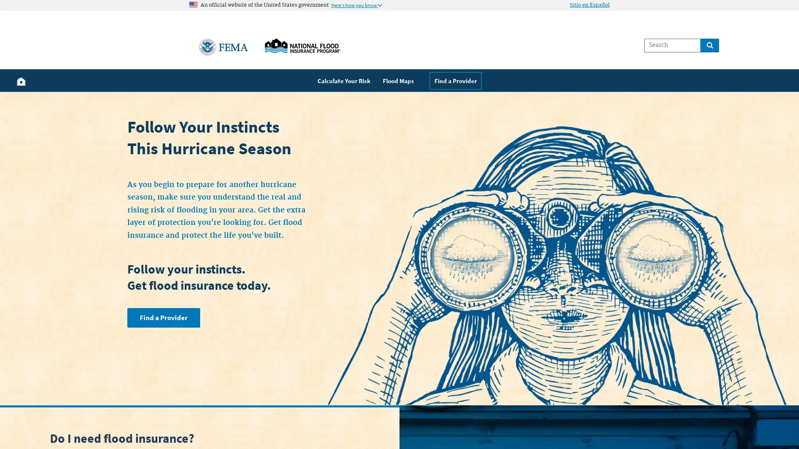  Describe the element at coordinates (709, 45) in the screenshot. I see `Global search for site links and content throught floodsmart` at that location.